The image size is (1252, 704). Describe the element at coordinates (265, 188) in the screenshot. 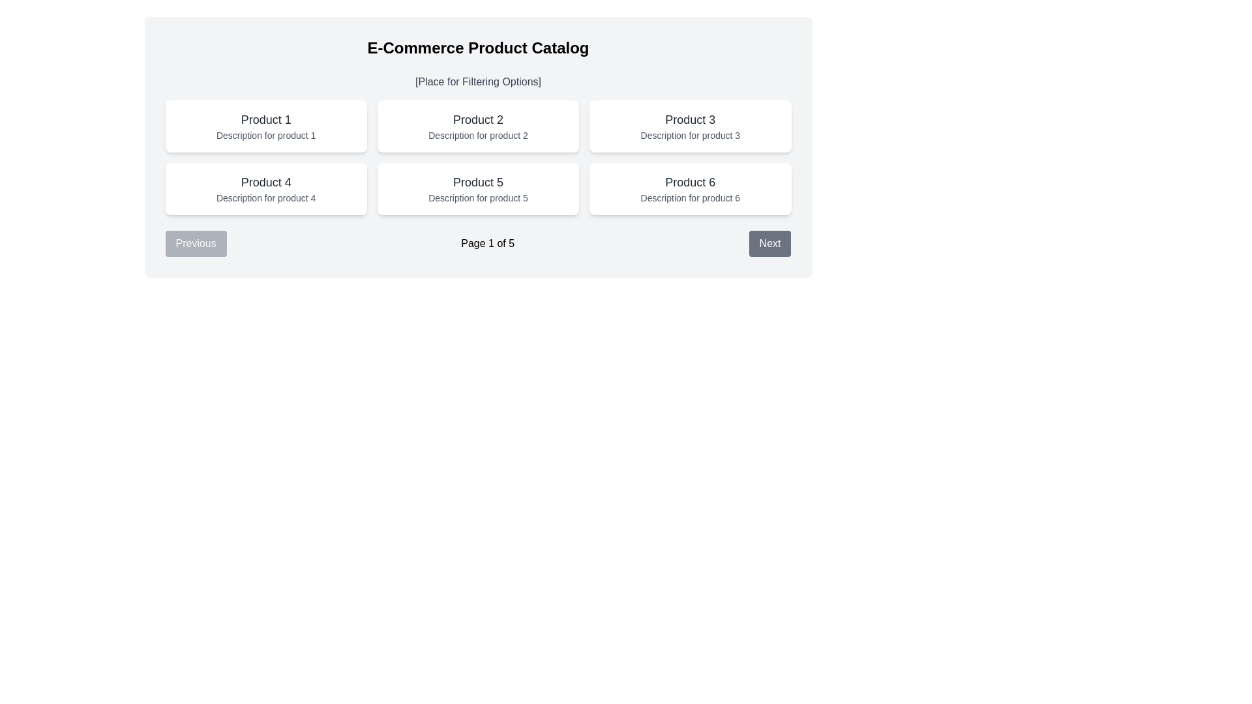

I see `the Informational card titled 'Product 4'` at that location.